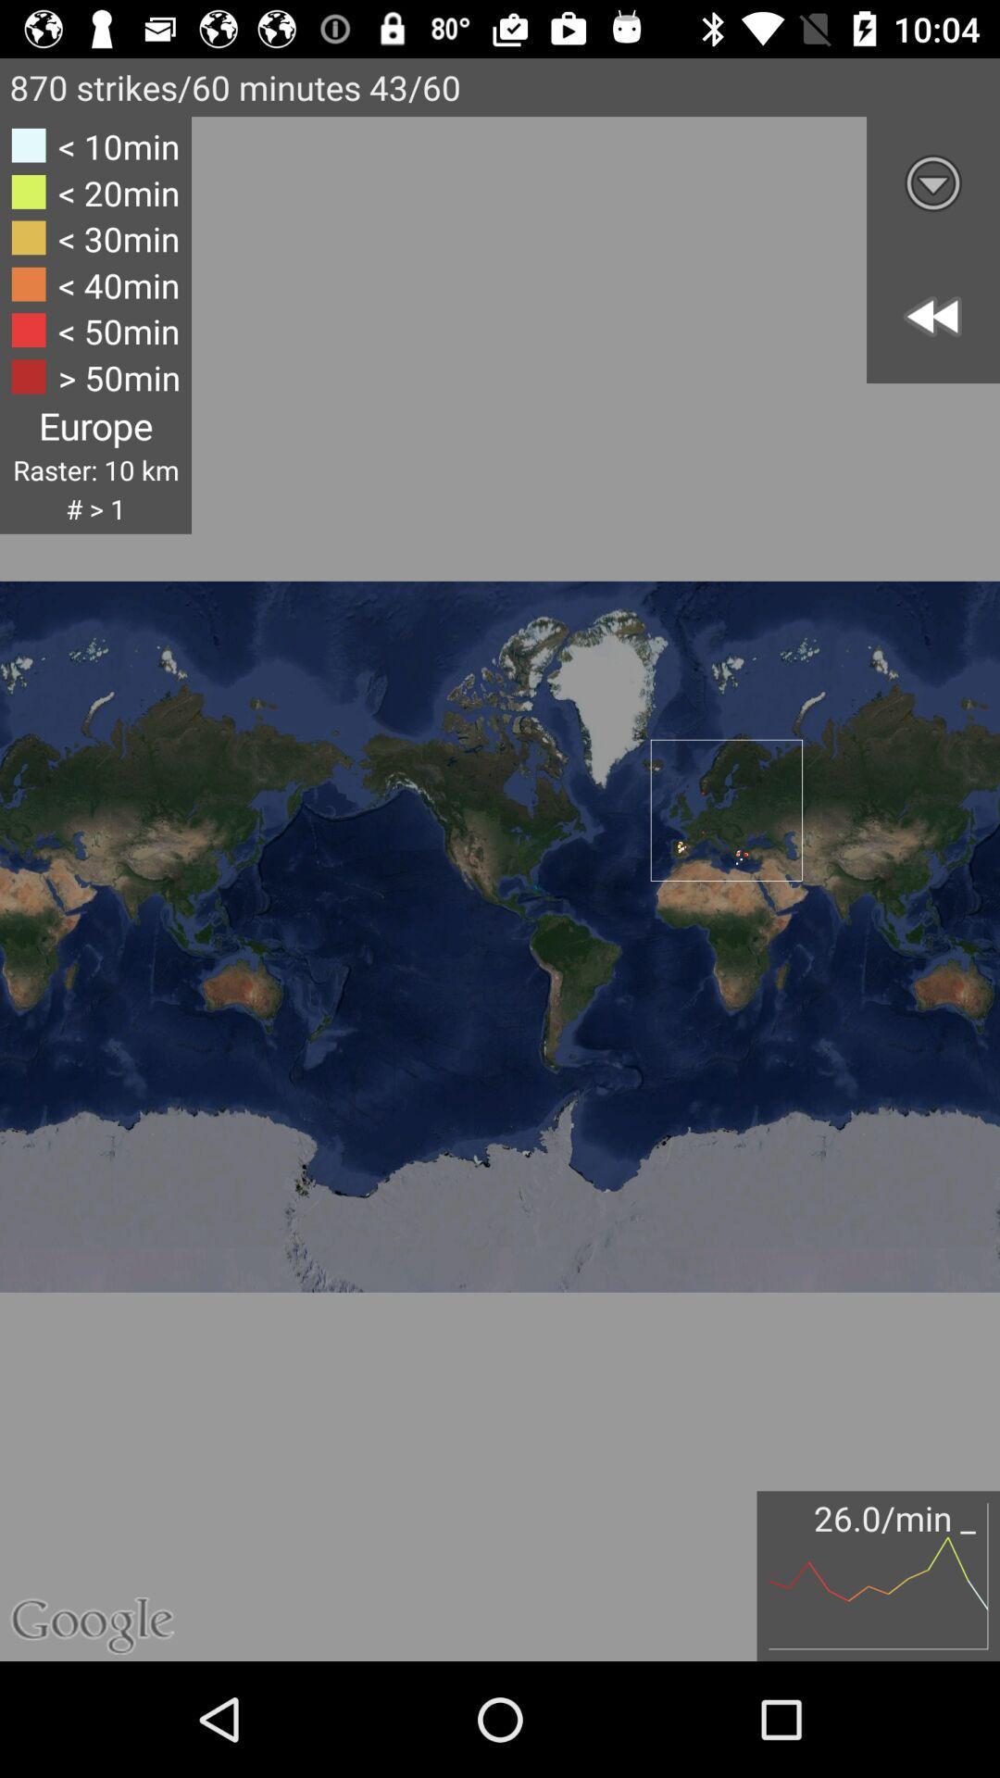 The width and height of the screenshot is (1000, 1778). Describe the element at coordinates (932, 316) in the screenshot. I see `the av_rewind icon` at that location.